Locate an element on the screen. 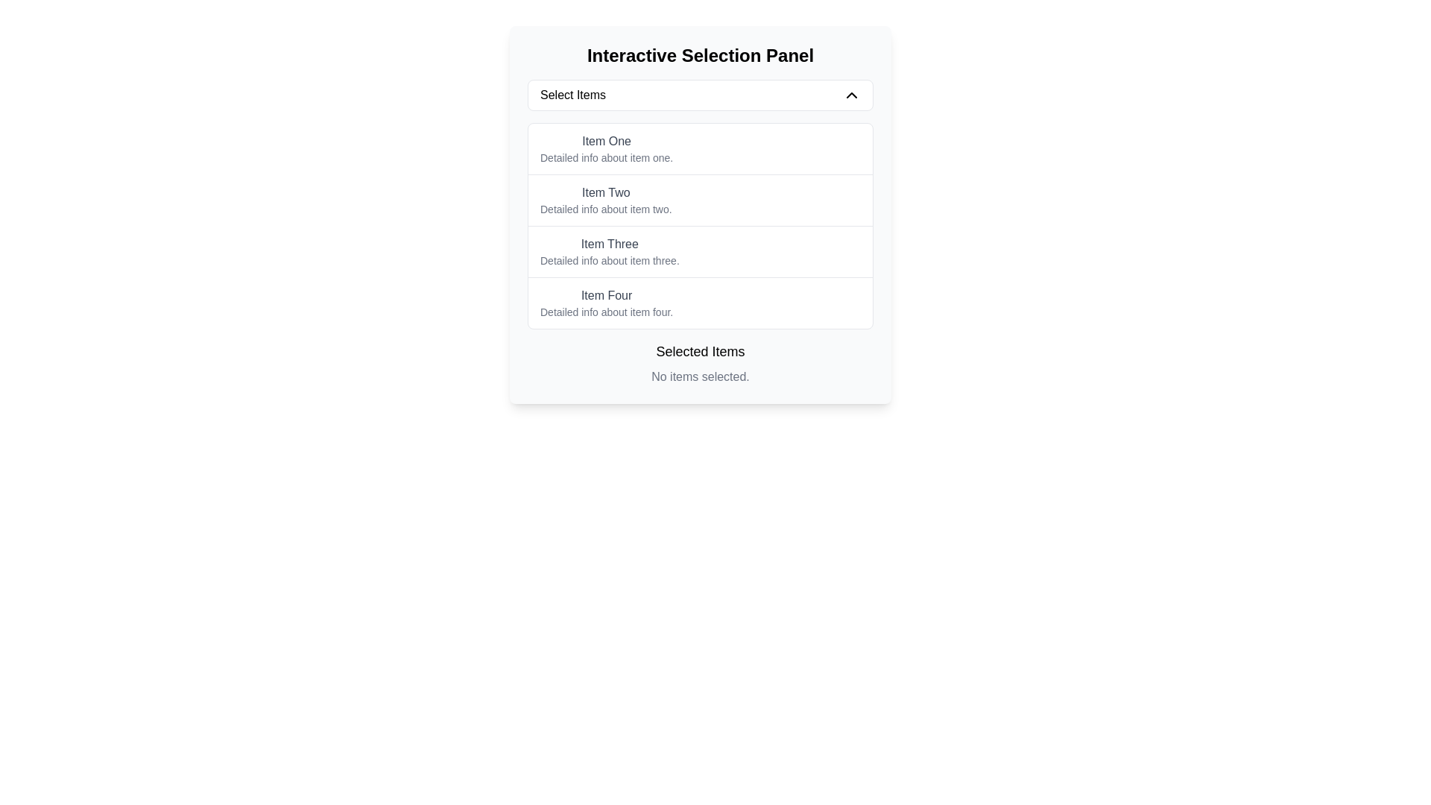 This screenshot has width=1431, height=805. the 'Select Items' text label which is styled in a clear font and positioned to the left of a dropdown arrow is located at coordinates (572, 95).